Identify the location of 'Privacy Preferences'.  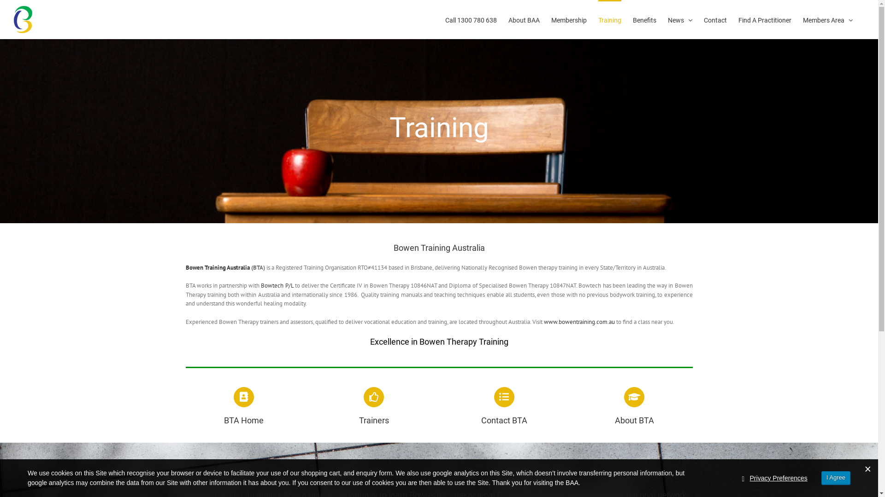
(778, 478).